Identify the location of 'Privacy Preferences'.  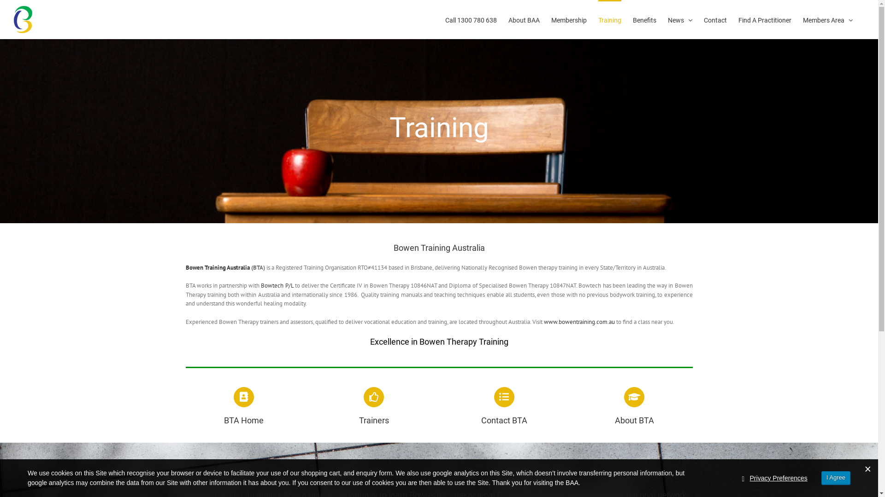
(778, 478).